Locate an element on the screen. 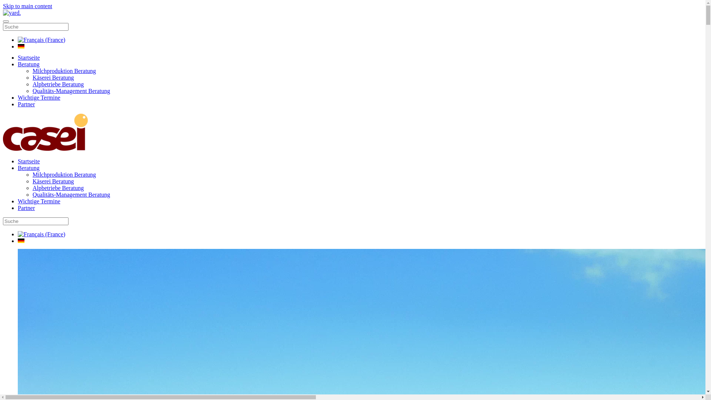 The height and width of the screenshot is (400, 711). 'Partner' is located at coordinates (26, 208).